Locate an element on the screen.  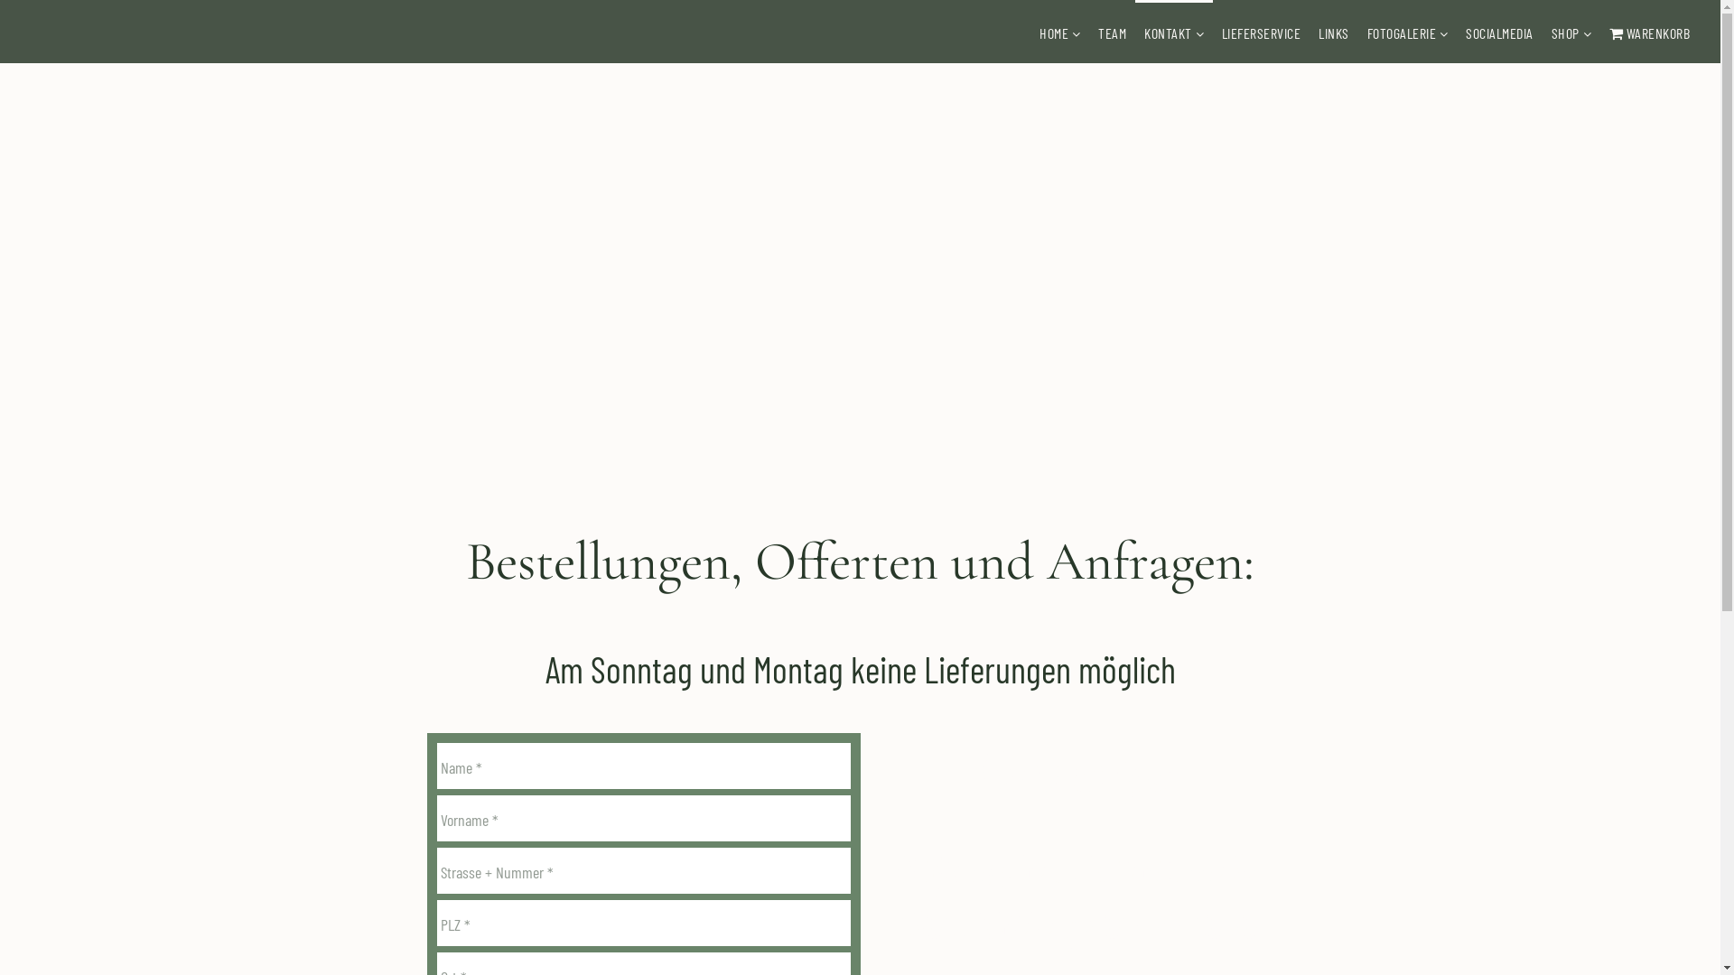
'KONTAKT' is located at coordinates (1168, 32).